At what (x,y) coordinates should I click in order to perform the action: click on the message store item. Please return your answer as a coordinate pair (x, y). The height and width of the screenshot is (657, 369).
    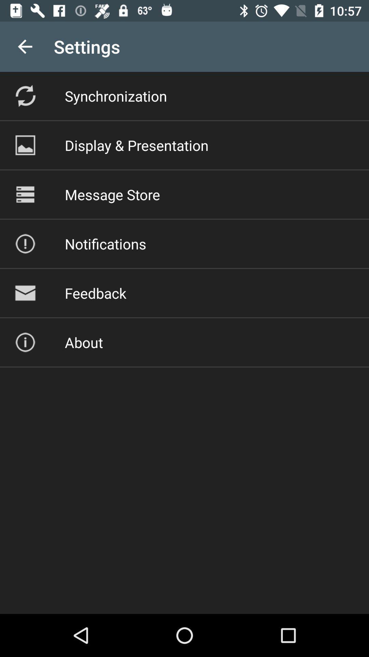
    Looking at the image, I should click on (112, 194).